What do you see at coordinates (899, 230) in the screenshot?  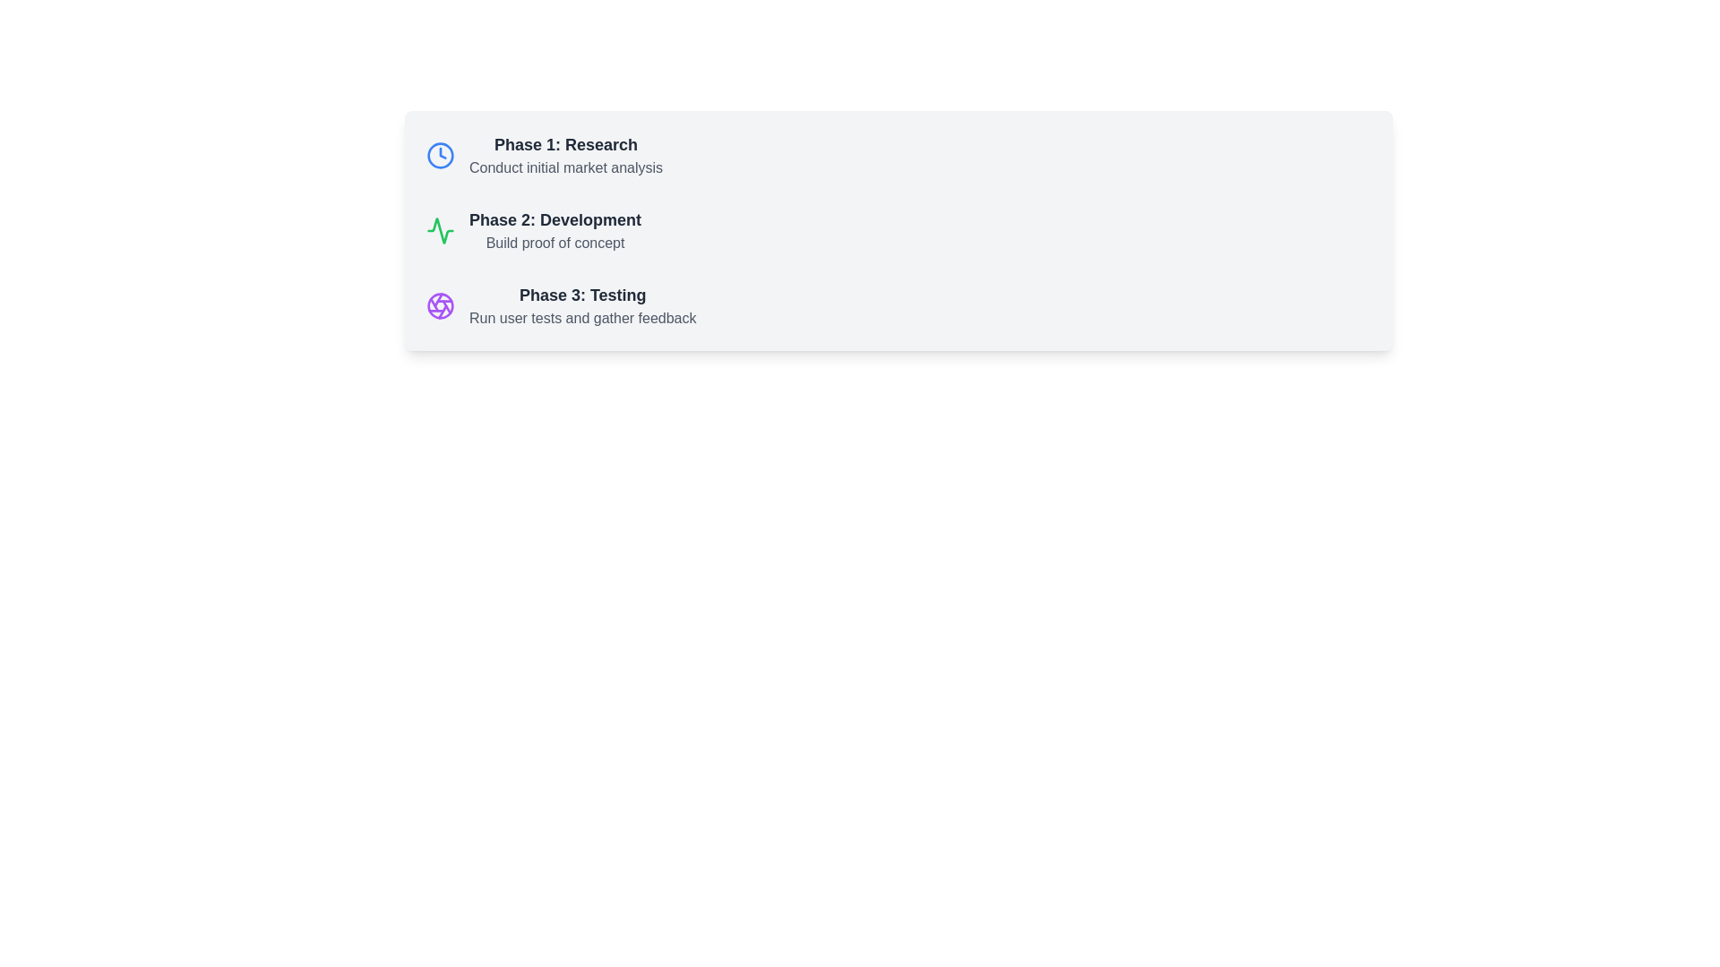 I see `icon in the 'Development' phase of the workflow, which is the second content block in a vertical list of three blocks` at bounding box center [899, 230].